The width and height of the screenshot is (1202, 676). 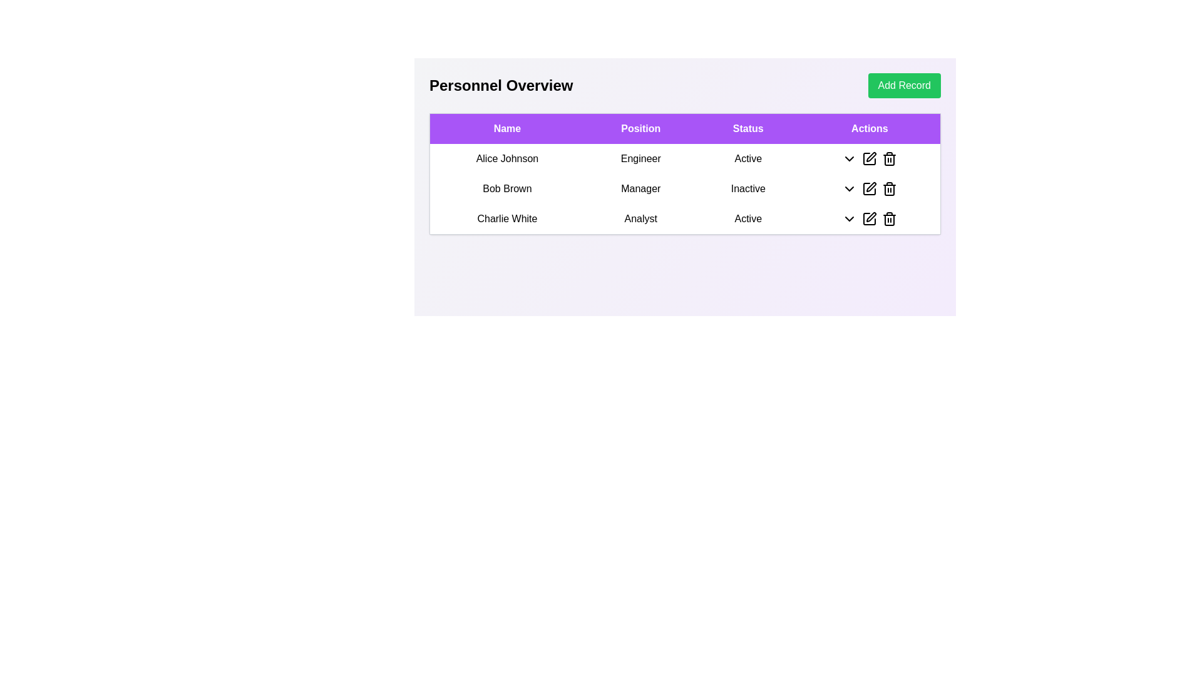 I want to click on the edit action icon (a rounded rectangular pen) located in the last row of the 'Actions' column for 'Charlie White', so click(x=869, y=218).